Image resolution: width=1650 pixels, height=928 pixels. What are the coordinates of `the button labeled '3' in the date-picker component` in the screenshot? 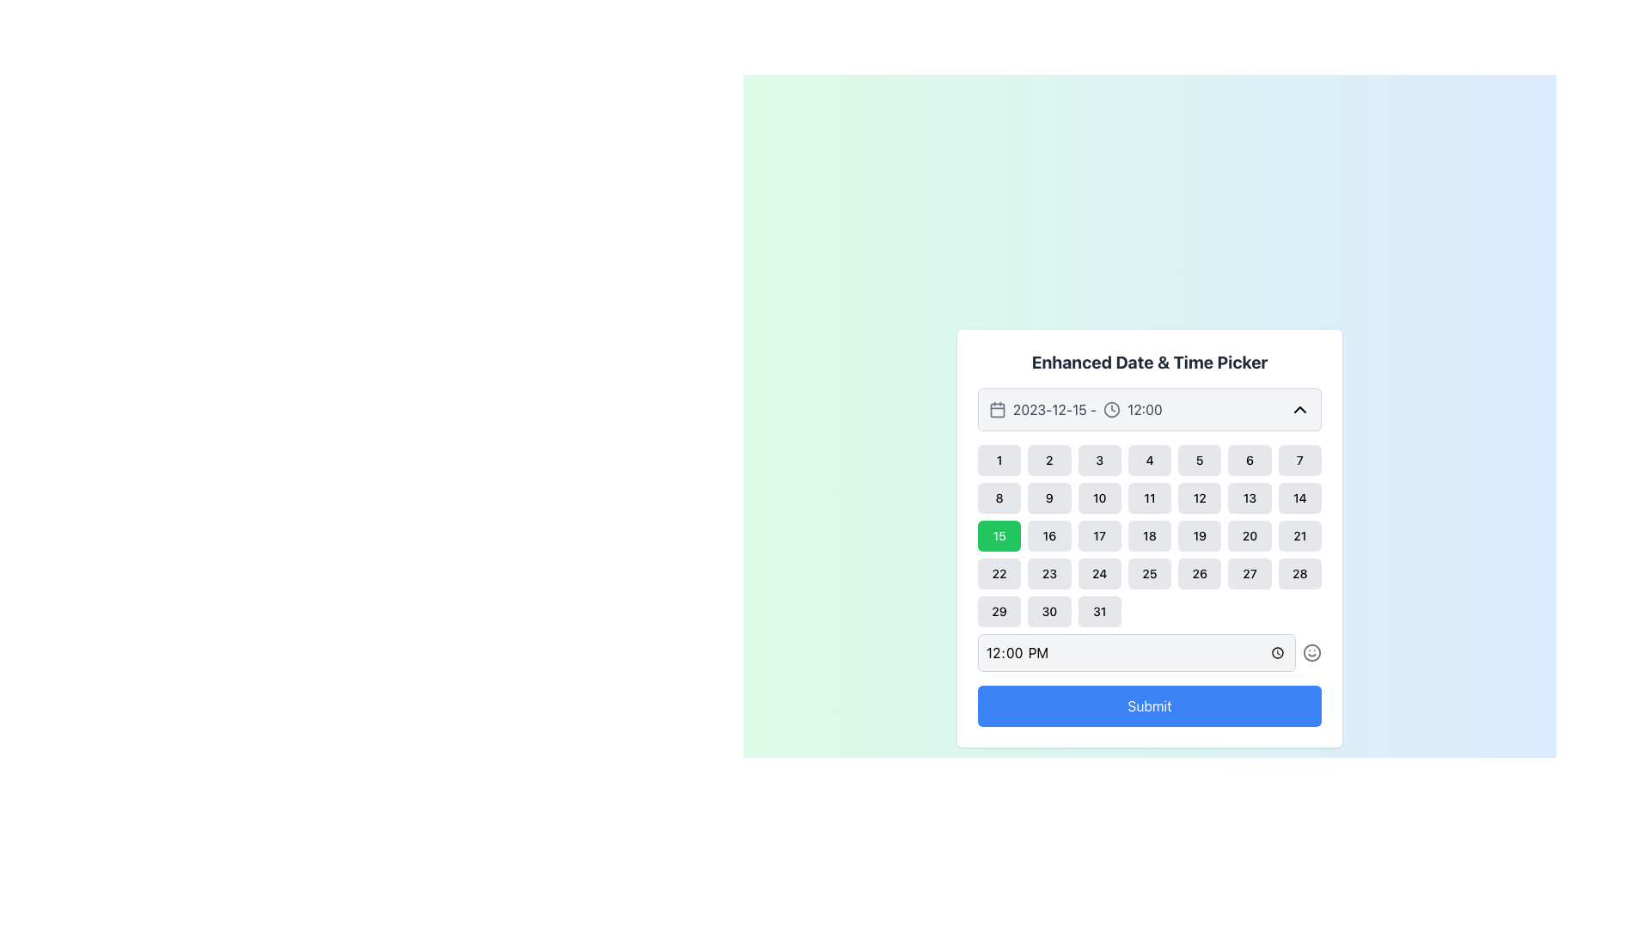 It's located at (1098, 460).